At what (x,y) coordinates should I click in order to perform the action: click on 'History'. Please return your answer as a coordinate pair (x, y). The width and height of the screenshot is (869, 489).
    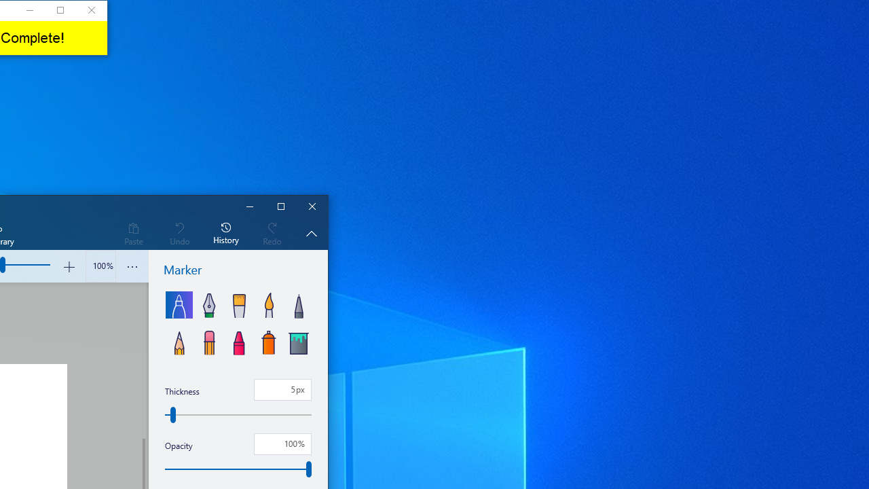
    Looking at the image, I should click on (226, 232).